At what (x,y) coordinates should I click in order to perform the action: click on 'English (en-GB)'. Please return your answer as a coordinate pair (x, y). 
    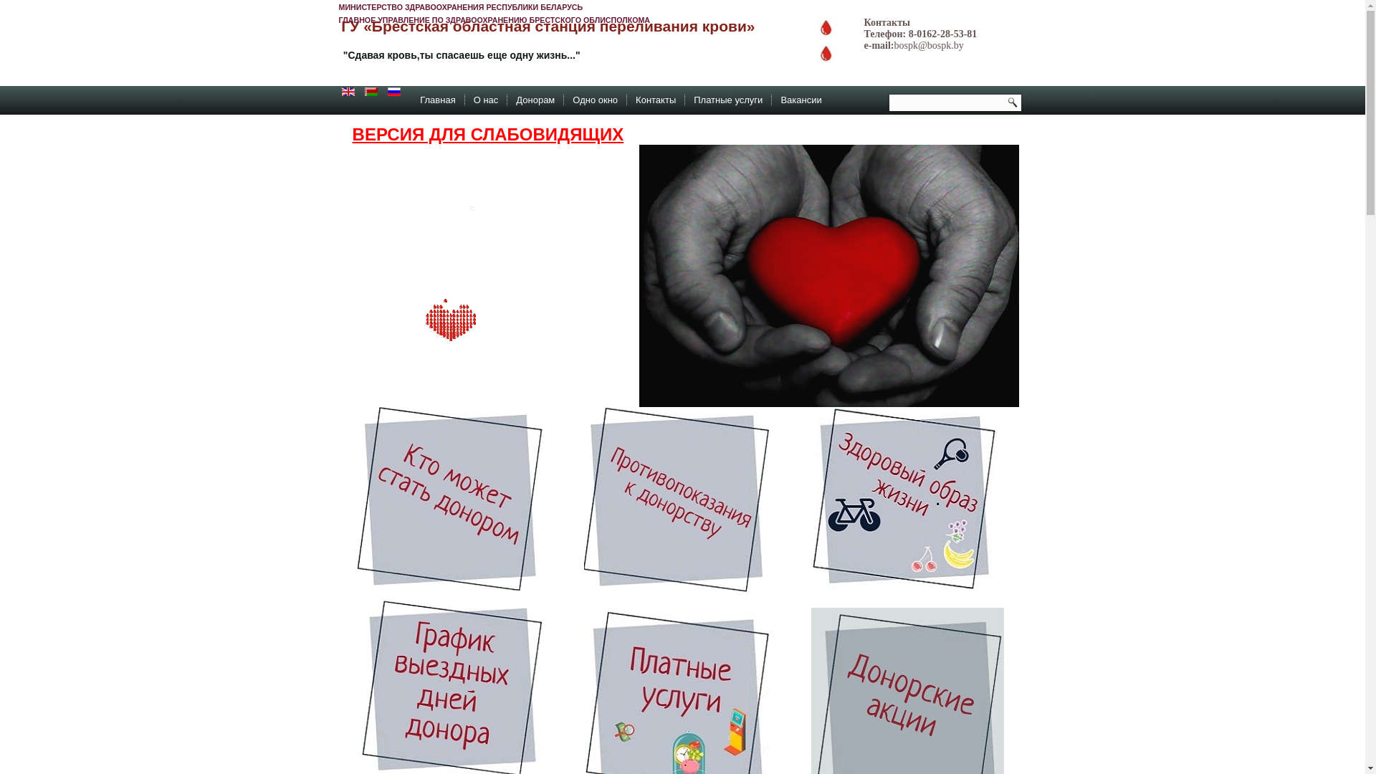
    Looking at the image, I should click on (348, 91).